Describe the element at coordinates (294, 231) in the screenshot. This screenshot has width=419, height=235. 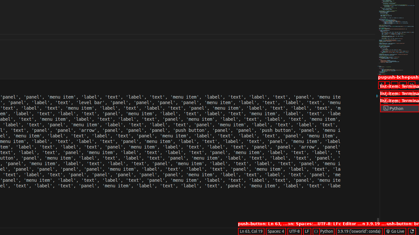
I see `'UTF-8'` at that location.